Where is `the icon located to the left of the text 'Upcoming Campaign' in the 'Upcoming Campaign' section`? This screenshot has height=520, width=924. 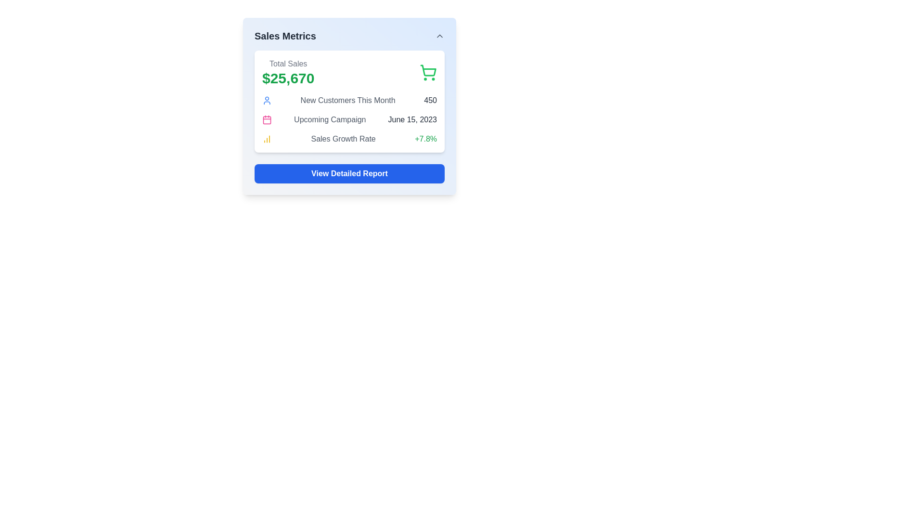 the icon located to the left of the text 'Upcoming Campaign' in the 'Upcoming Campaign' section is located at coordinates (267, 119).